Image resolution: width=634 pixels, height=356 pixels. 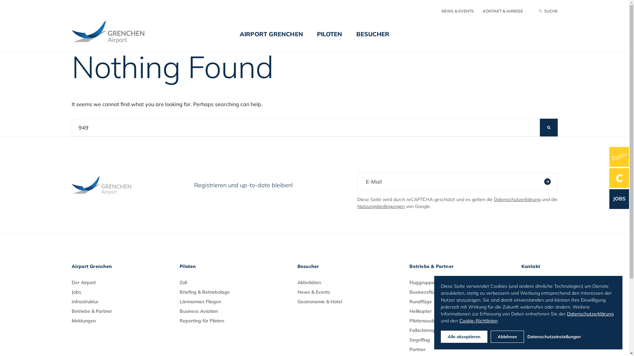 I want to click on 'Betriebe & Partner', so click(x=91, y=311).